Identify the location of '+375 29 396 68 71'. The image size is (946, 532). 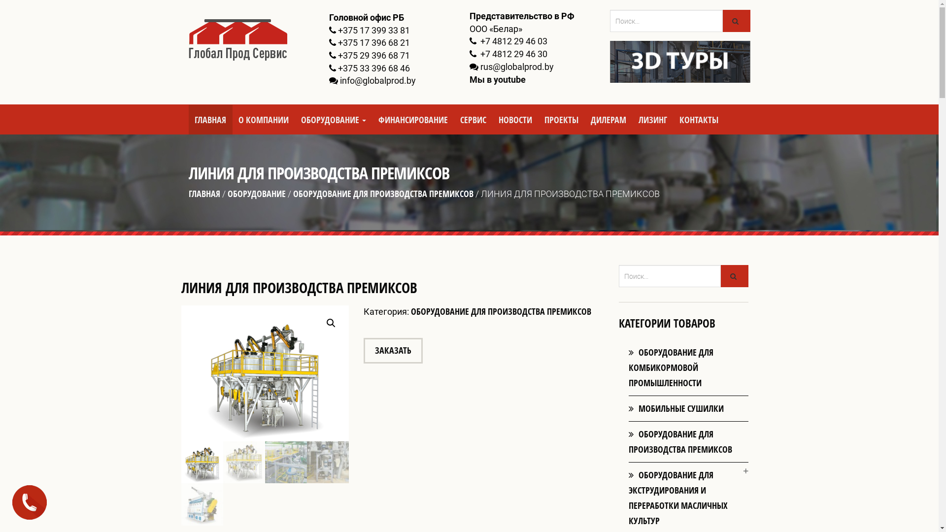
(373, 55).